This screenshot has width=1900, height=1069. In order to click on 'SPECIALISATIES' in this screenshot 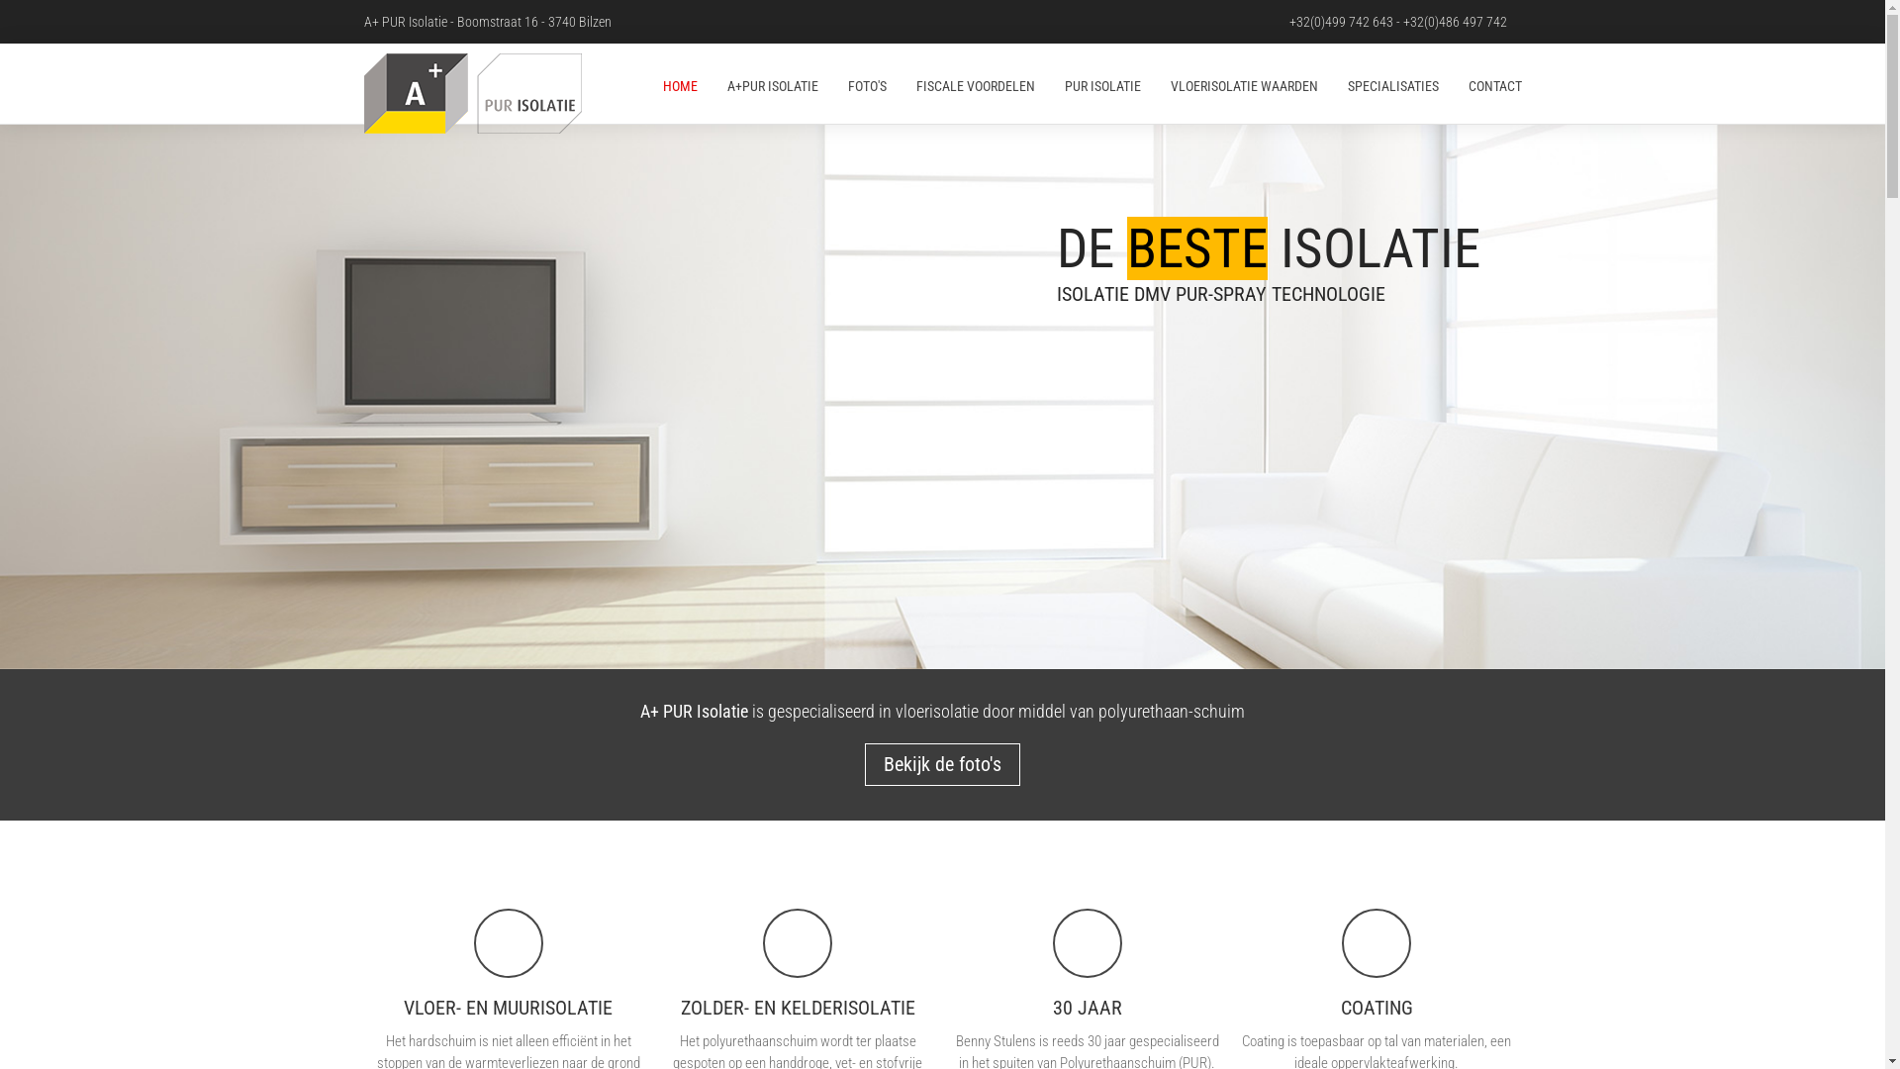, I will do `click(1390, 82)`.